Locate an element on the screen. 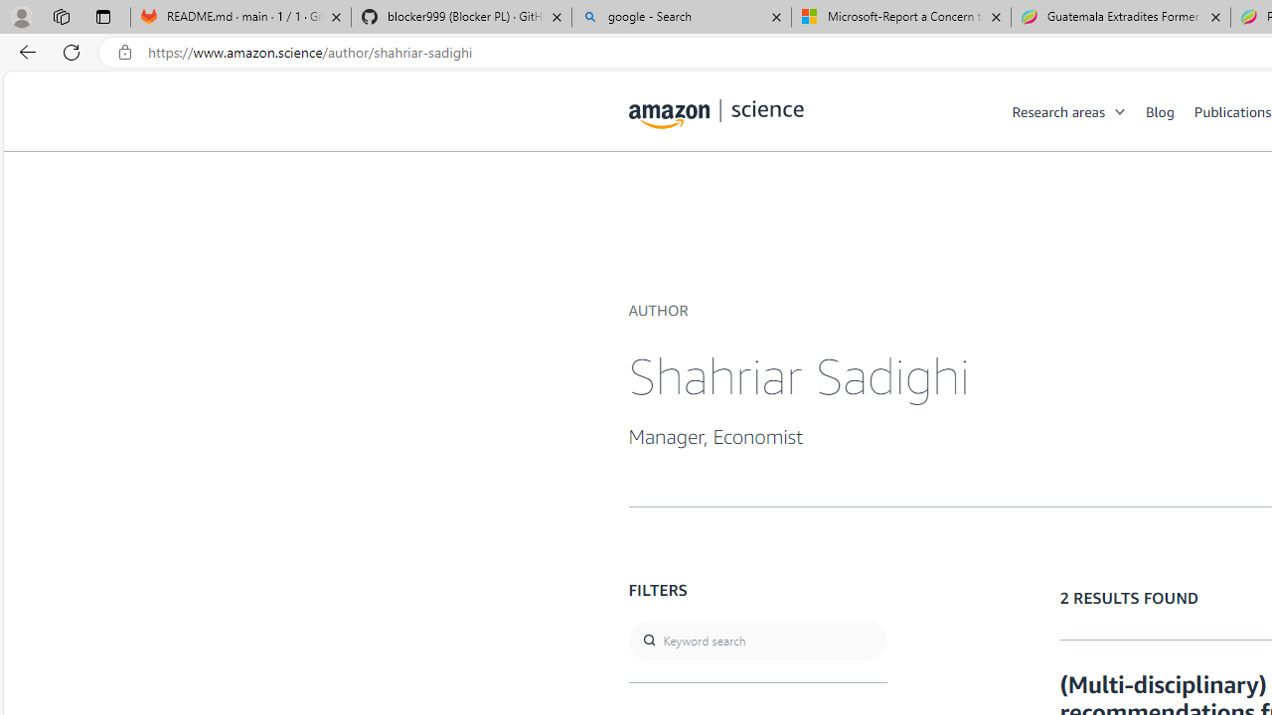 The image size is (1272, 715). 'Publications' is located at coordinates (1231, 110).